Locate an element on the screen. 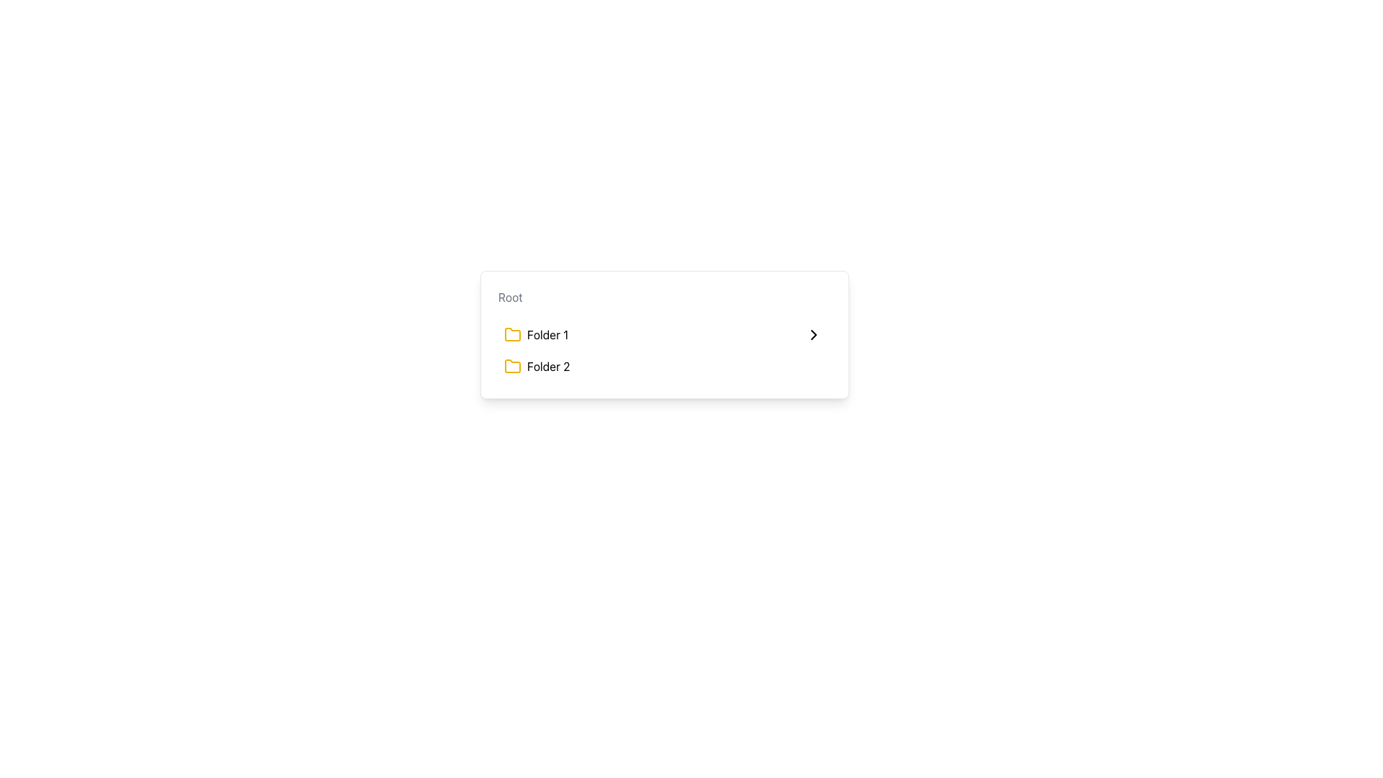  header text label that serves as the title for the menu, positioned at the top-left corner above 'Folder 1' and 'Folder 2' is located at coordinates (510, 296).